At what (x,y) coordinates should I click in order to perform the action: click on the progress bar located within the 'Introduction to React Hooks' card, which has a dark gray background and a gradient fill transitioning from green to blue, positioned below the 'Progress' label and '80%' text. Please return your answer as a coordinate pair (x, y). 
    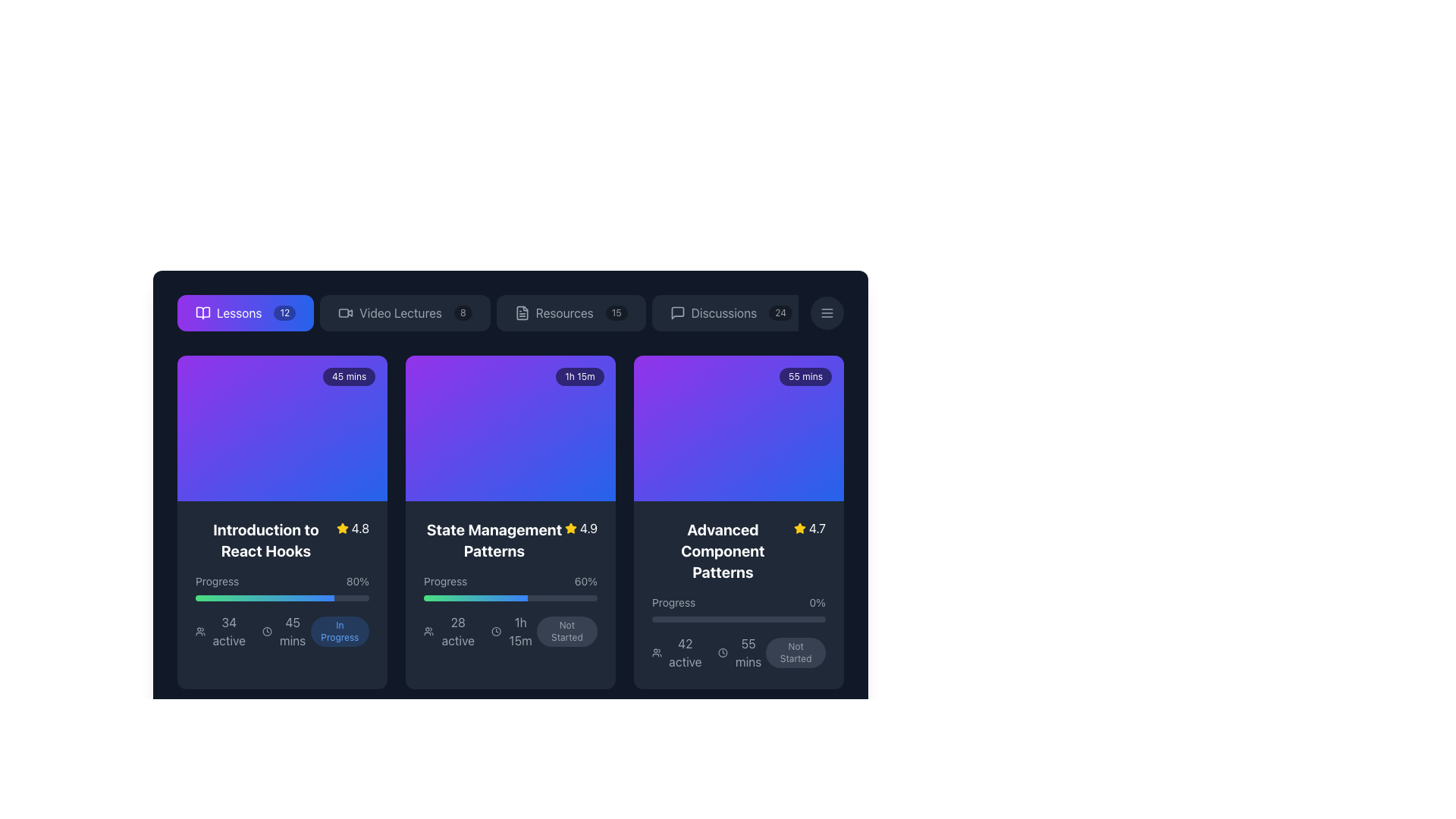
    Looking at the image, I should click on (282, 598).